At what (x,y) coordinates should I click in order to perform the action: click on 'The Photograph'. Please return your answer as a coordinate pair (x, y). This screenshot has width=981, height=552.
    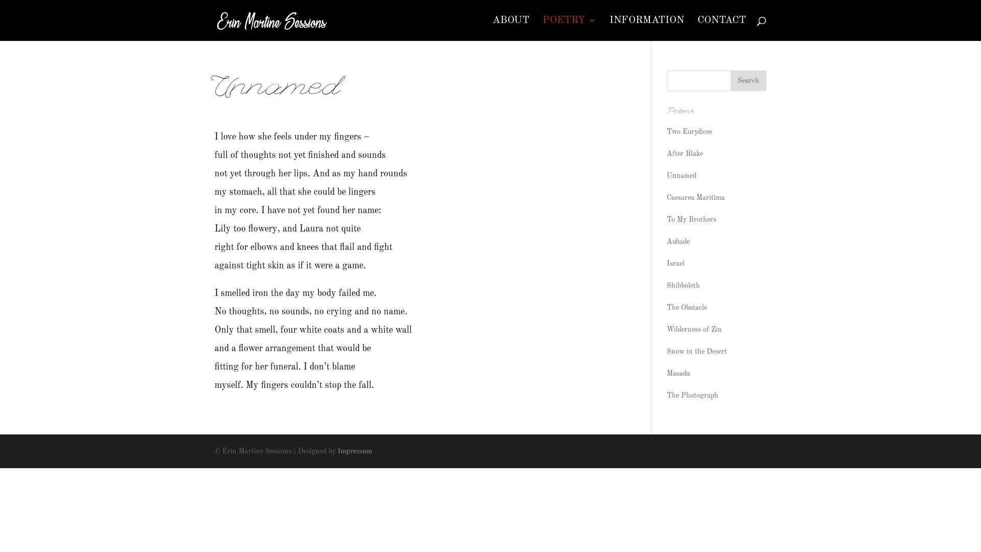
    Looking at the image, I should click on (667, 395).